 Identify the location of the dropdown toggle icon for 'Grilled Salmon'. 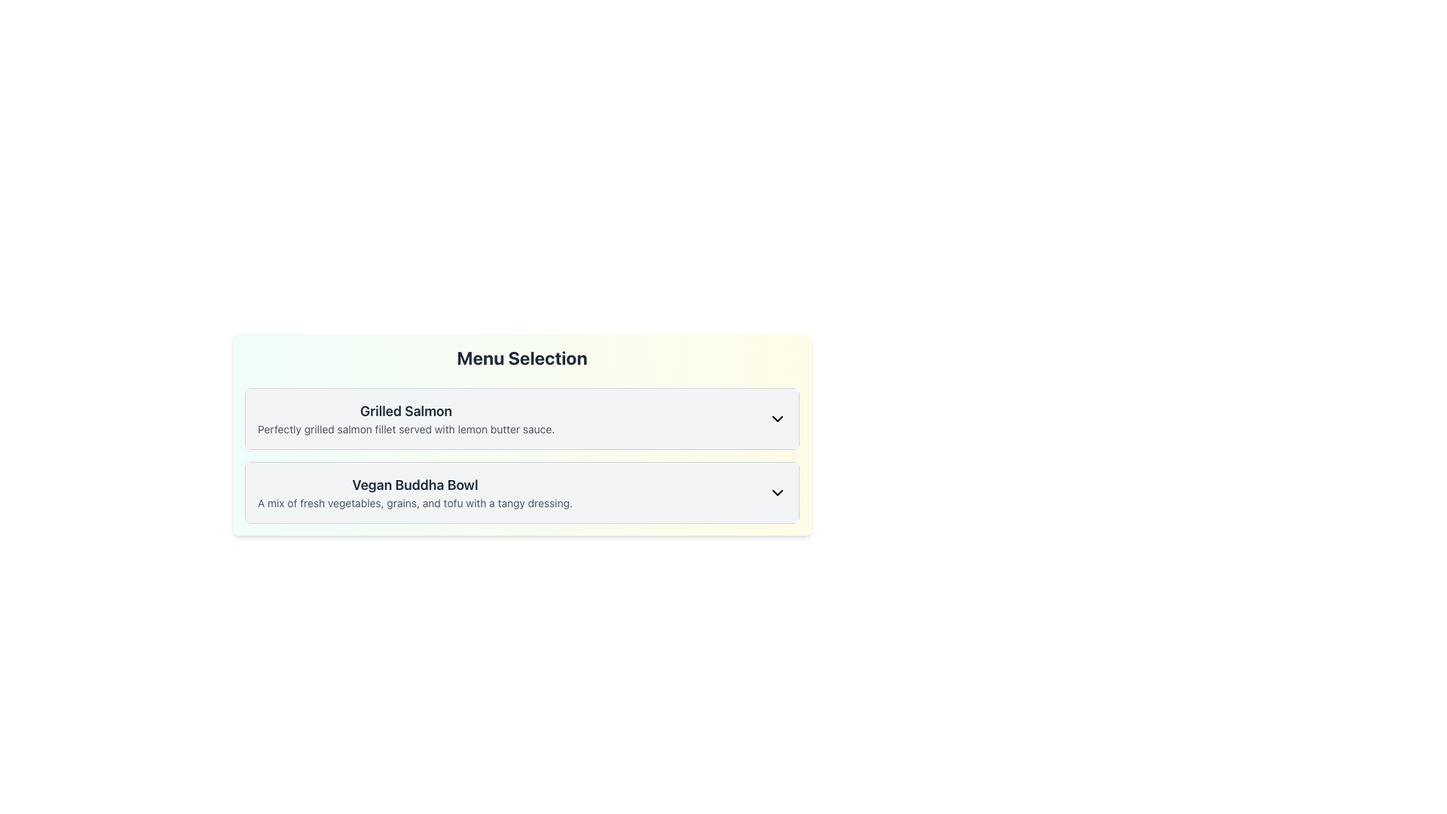
(778, 418).